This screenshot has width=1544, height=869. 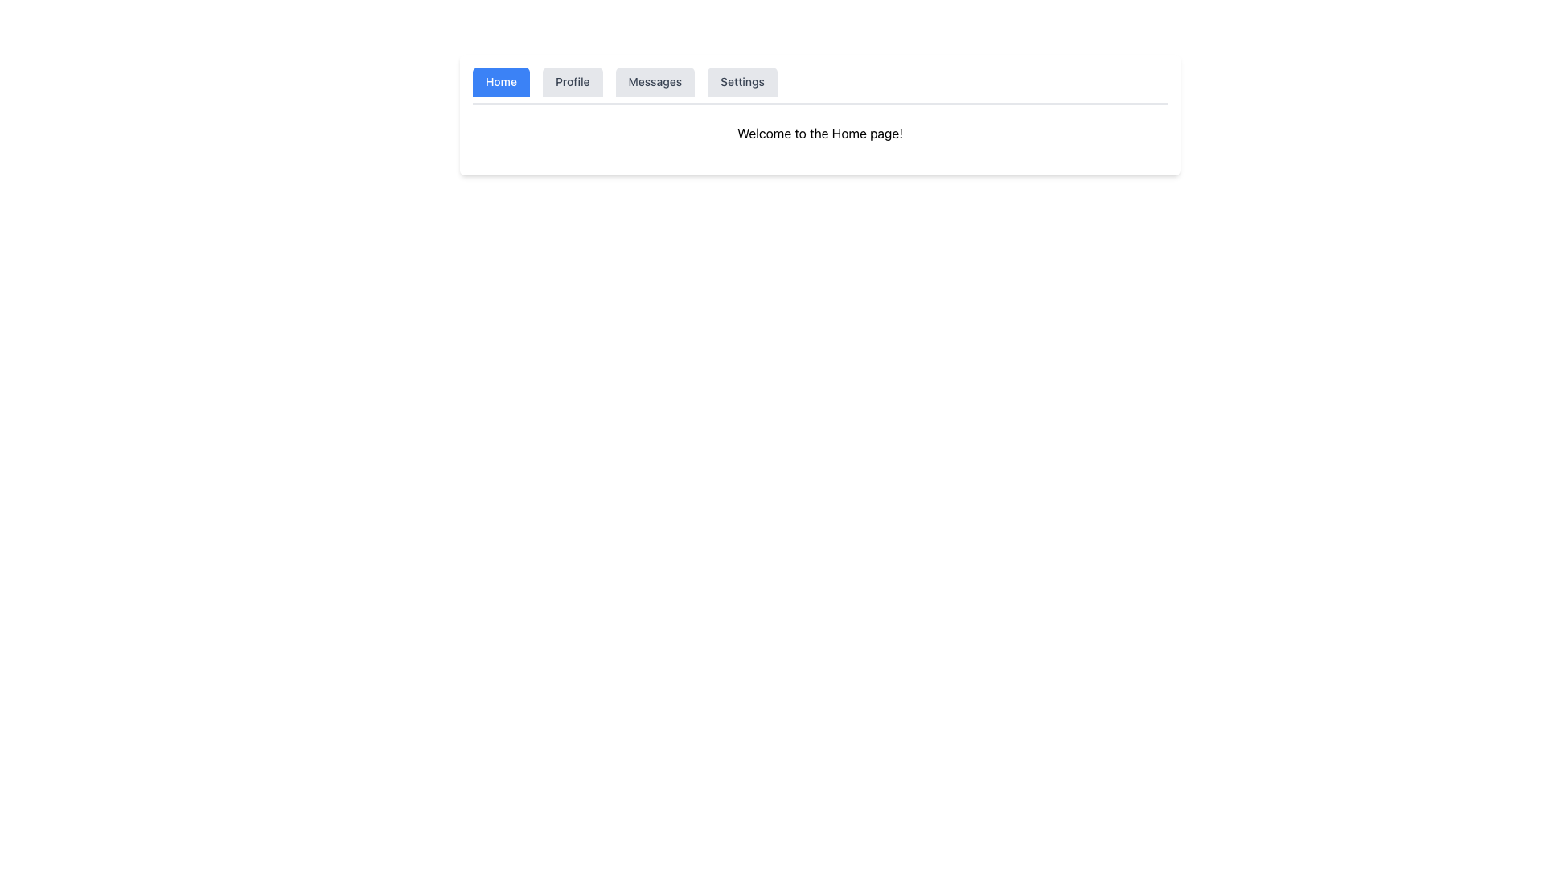 I want to click on the text displaying 'Welcome to the Home page!' which is centered below the navigation bar, so click(x=819, y=132).